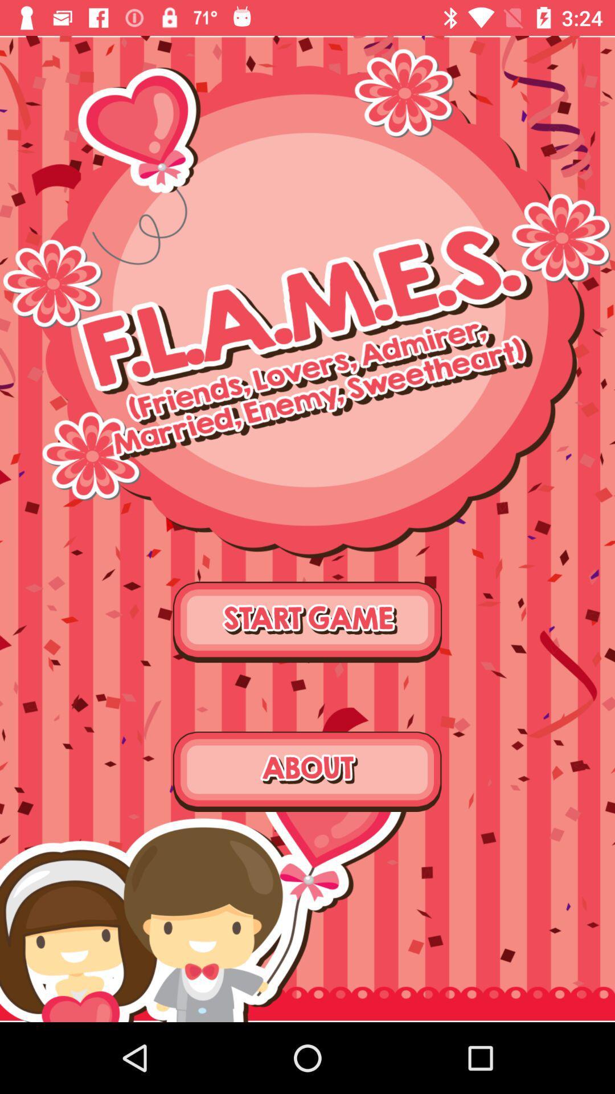  Describe the element at coordinates (307, 621) in the screenshot. I see `start game` at that location.